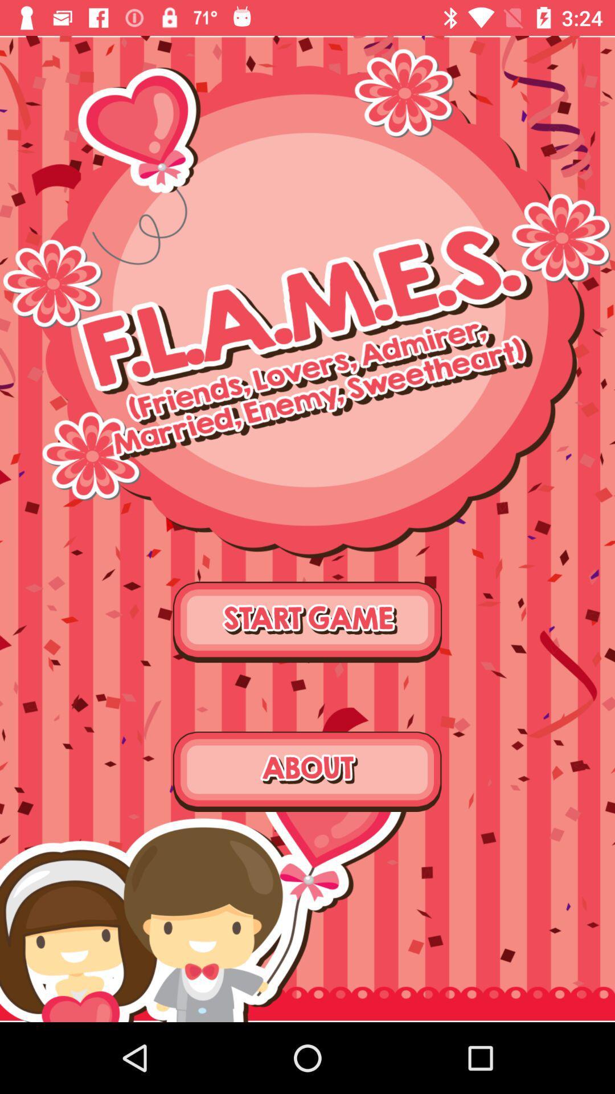  Describe the element at coordinates (307, 621) in the screenshot. I see `start game` at that location.